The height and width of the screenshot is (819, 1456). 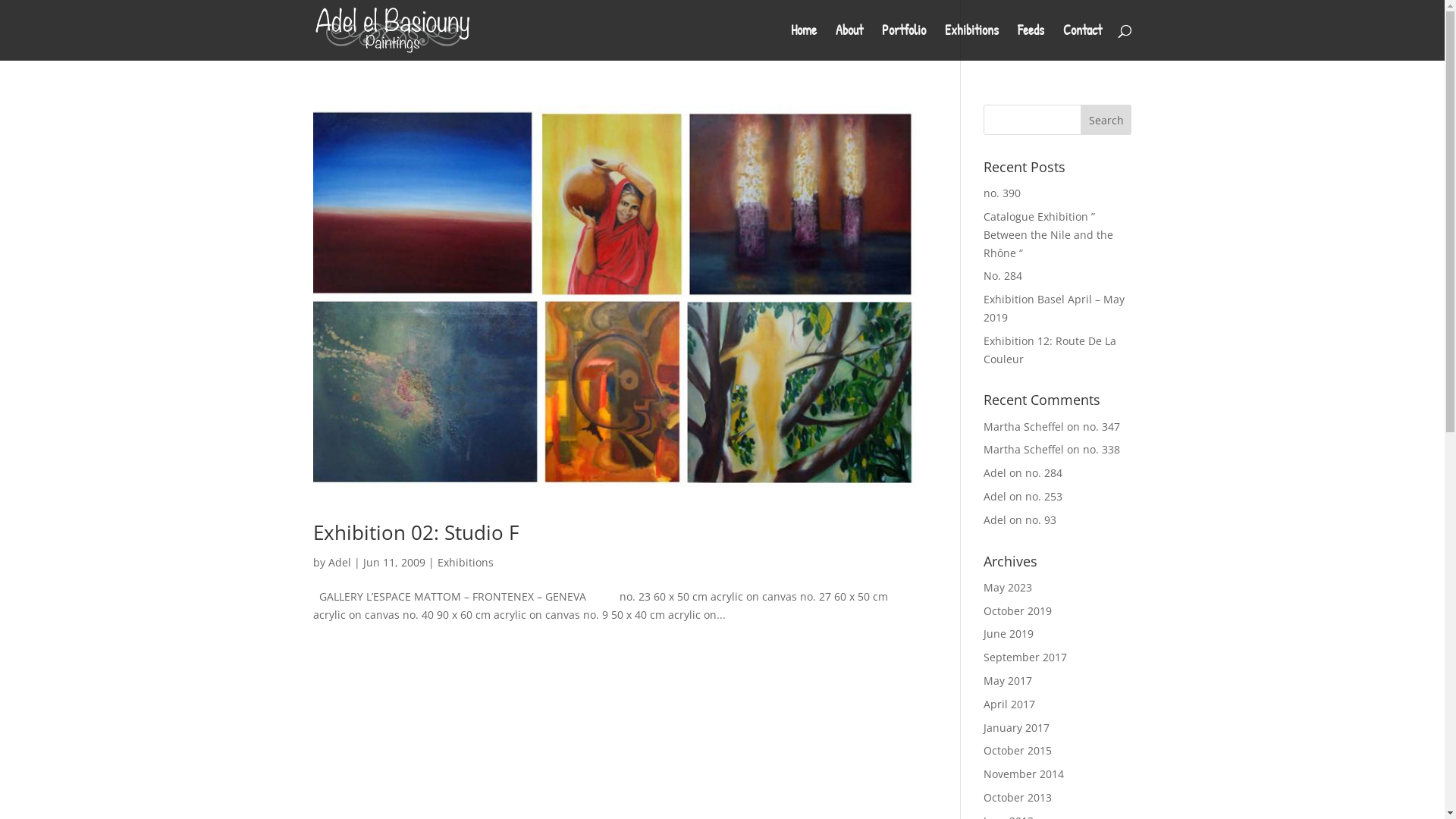 What do you see at coordinates (1023, 773) in the screenshot?
I see `'November 2014'` at bounding box center [1023, 773].